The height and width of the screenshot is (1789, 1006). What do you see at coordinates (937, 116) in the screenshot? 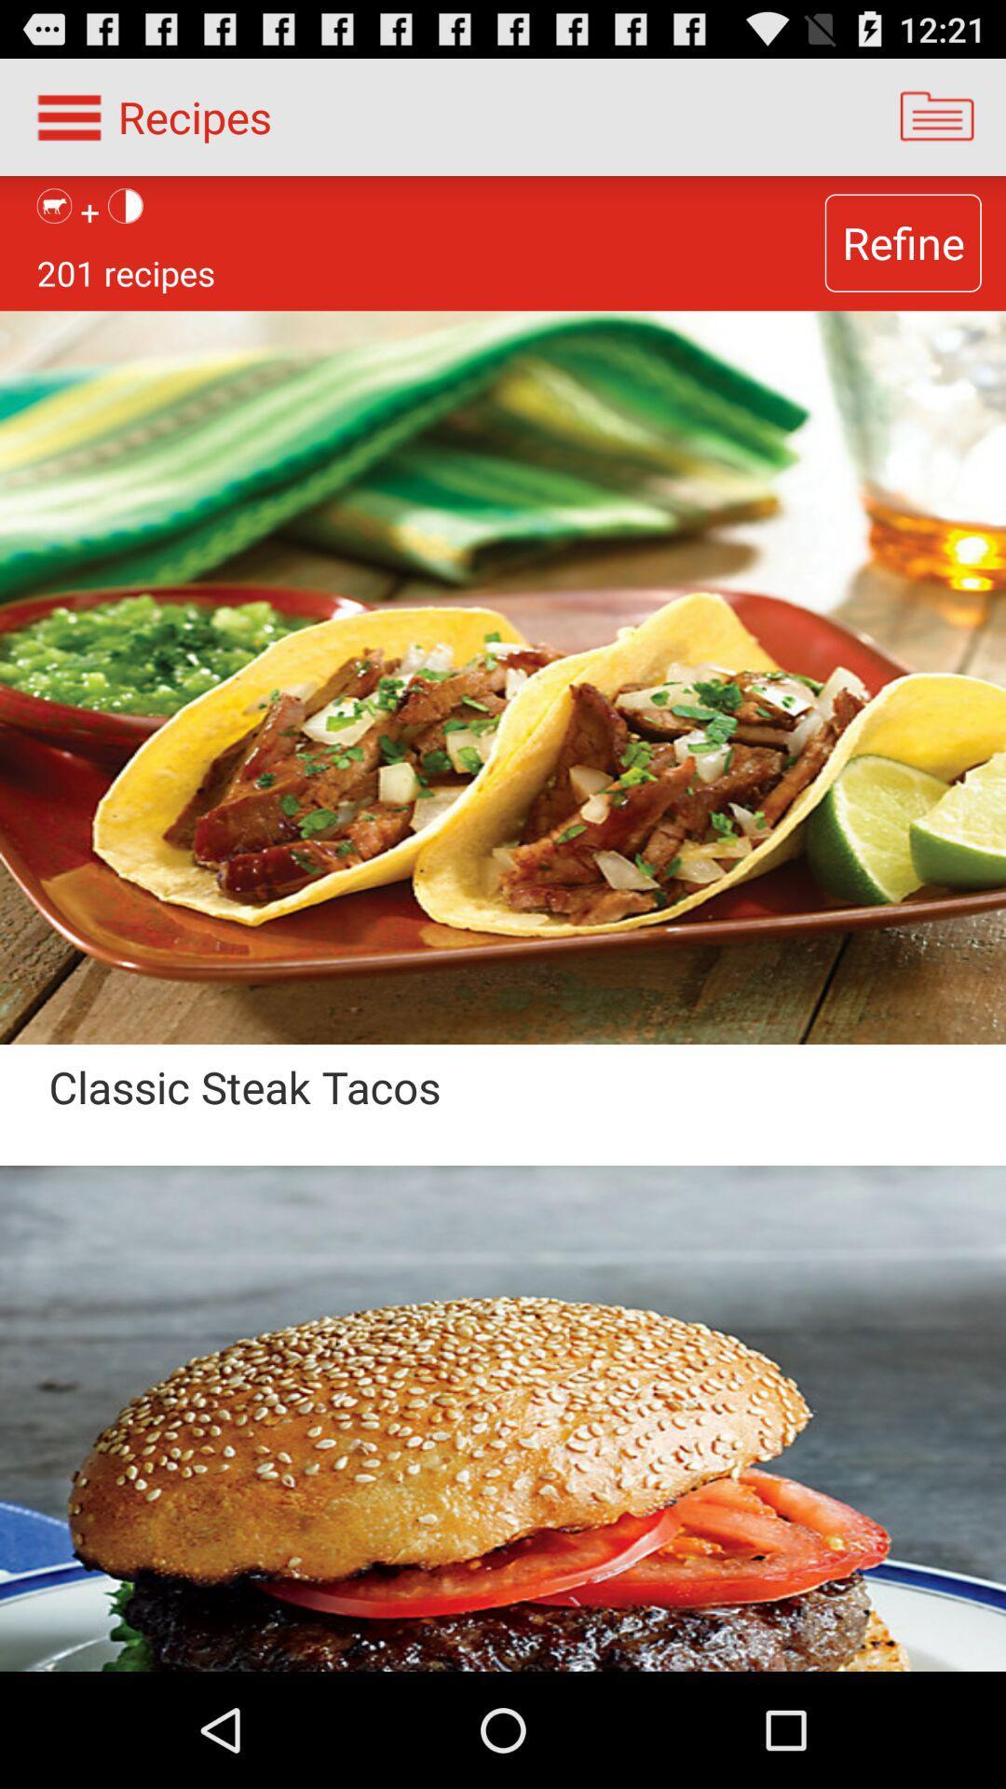
I see `app to the right of recipes` at bounding box center [937, 116].